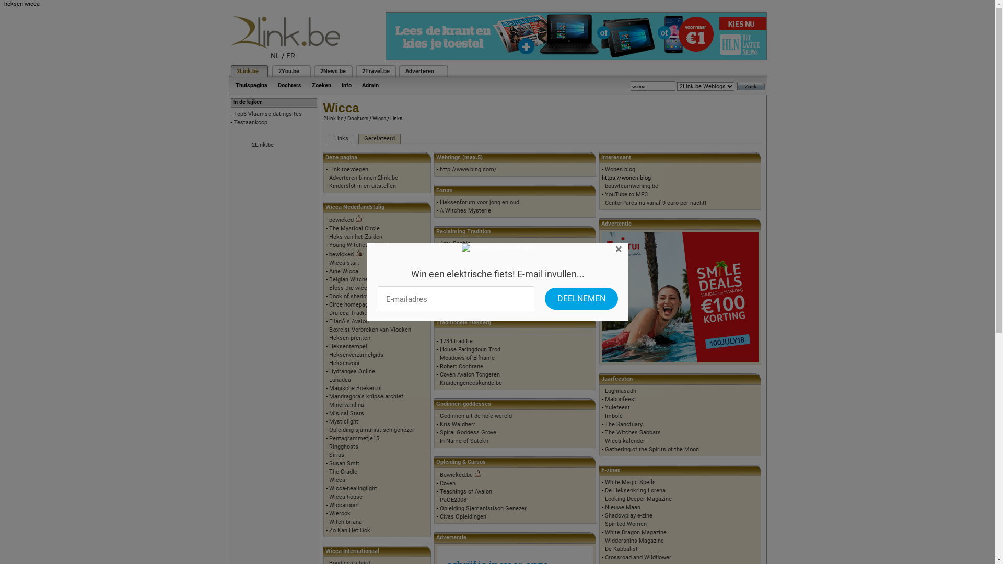  What do you see at coordinates (343, 271) in the screenshot?
I see `'Aine Wicca'` at bounding box center [343, 271].